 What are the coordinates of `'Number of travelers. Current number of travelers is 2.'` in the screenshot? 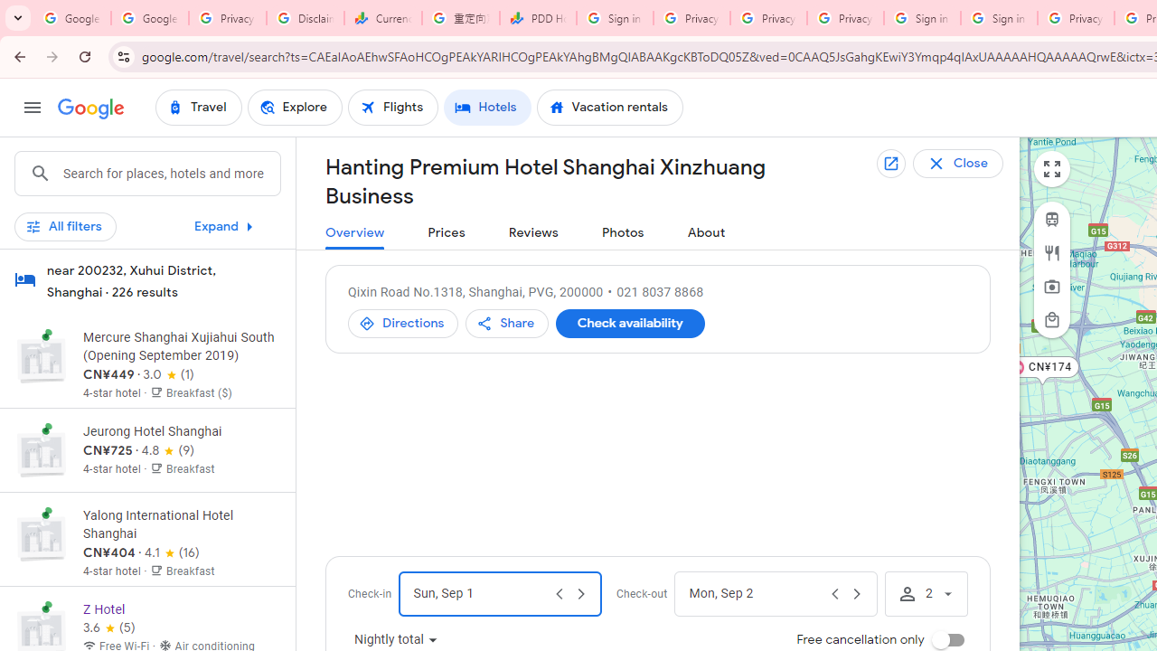 It's located at (926, 594).